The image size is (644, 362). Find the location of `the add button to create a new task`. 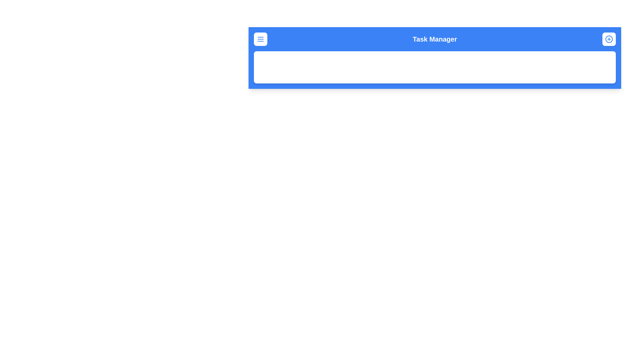

the add button to create a new task is located at coordinates (609, 39).